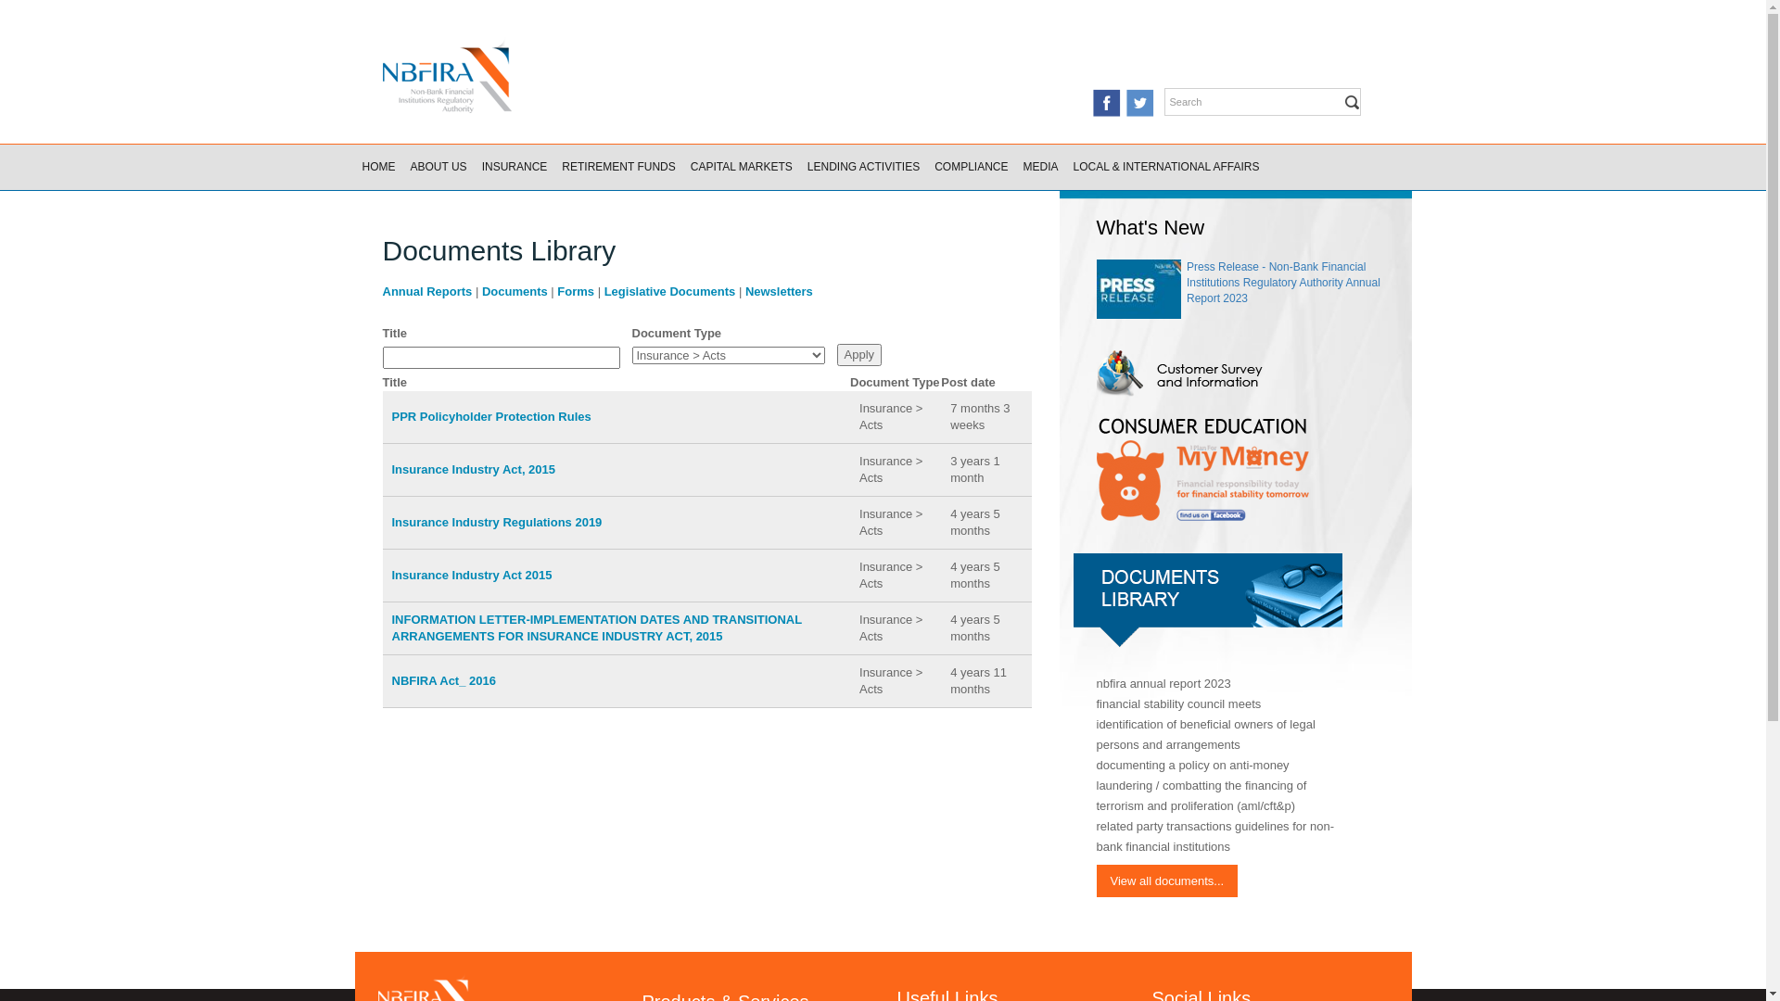  Describe the element at coordinates (437, 167) in the screenshot. I see `'ABOUT US'` at that location.